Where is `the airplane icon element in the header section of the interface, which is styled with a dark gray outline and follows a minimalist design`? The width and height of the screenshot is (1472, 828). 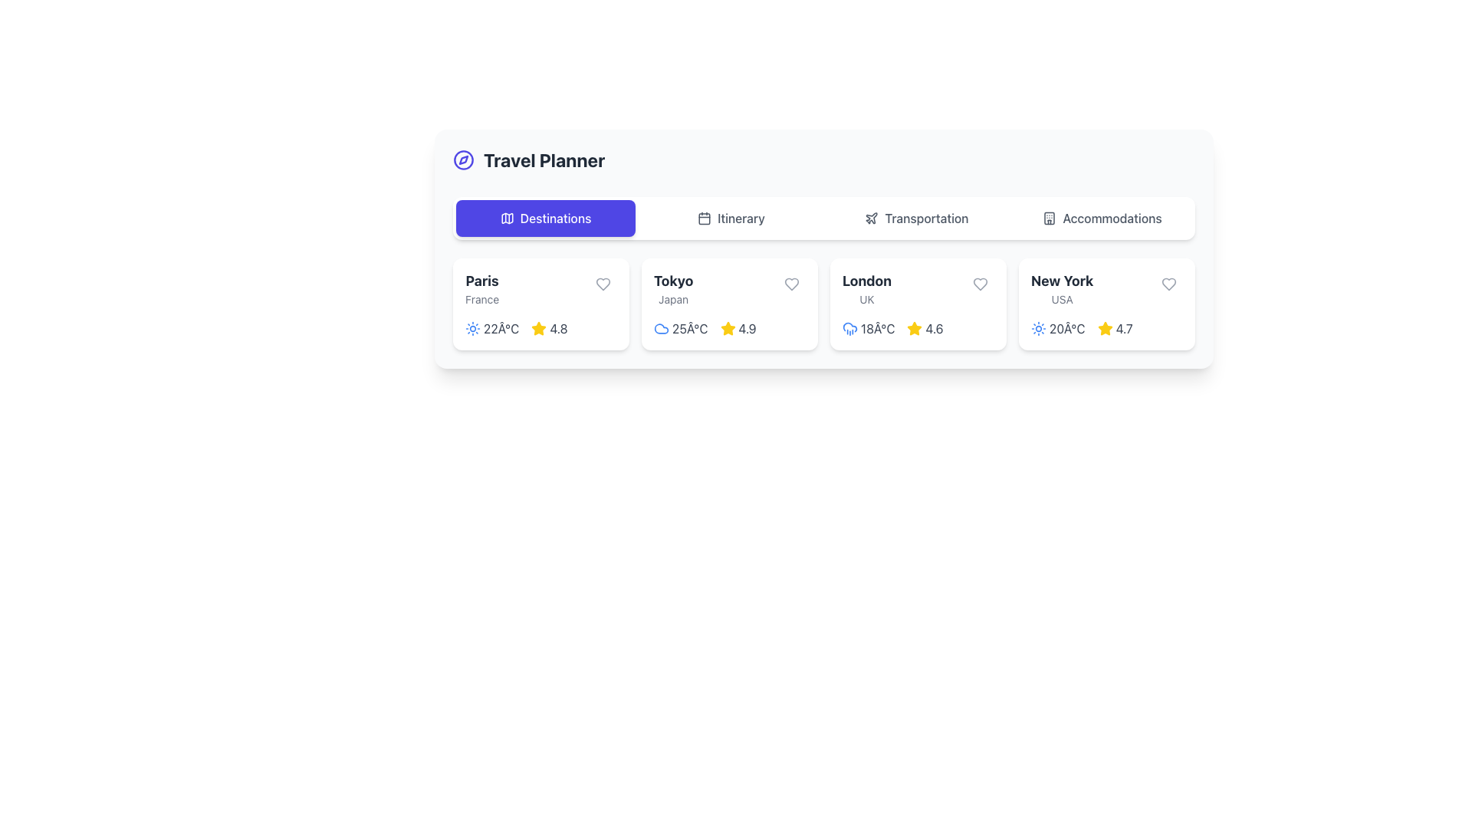 the airplane icon element in the header section of the interface, which is styled with a dark gray outline and follows a minimalist design is located at coordinates (872, 218).